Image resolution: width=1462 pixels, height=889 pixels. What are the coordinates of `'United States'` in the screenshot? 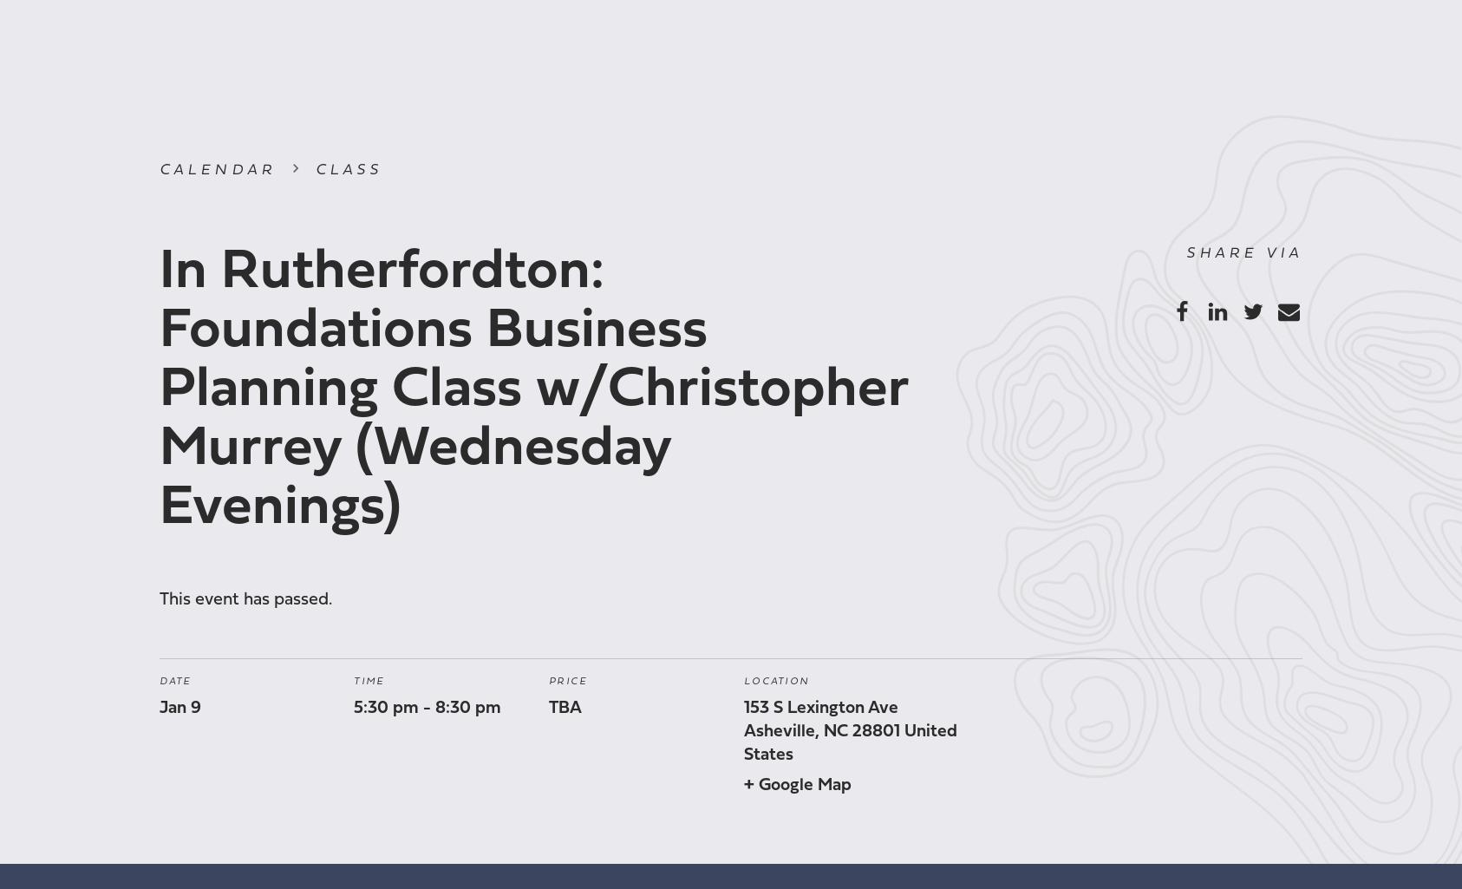 It's located at (849, 743).